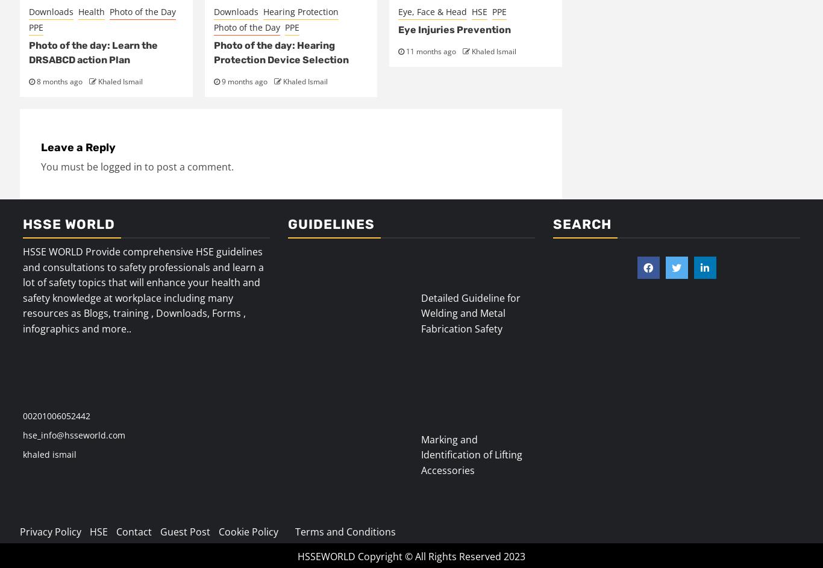 The width and height of the screenshot is (823, 568). What do you see at coordinates (345, 532) in the screenshot?
I see `'Terms and Conditions'` at bounding box center [345, 532].